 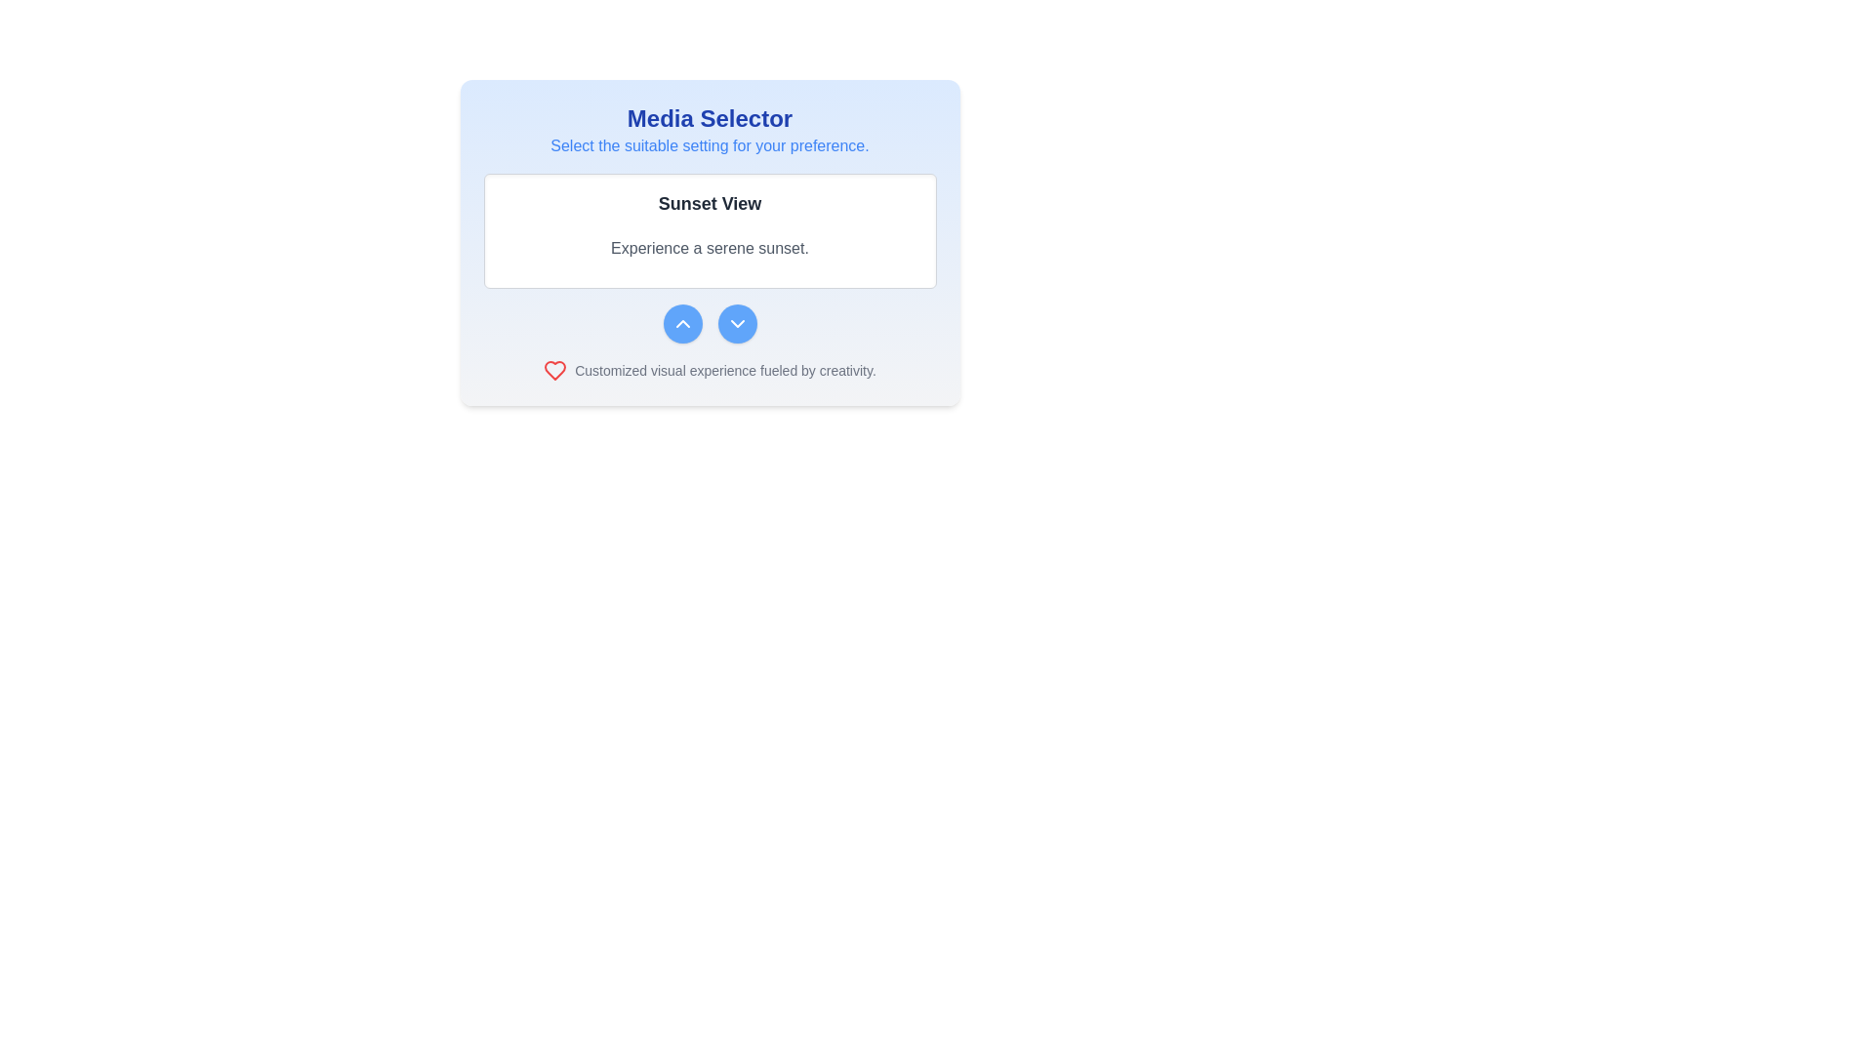 I want to click on the decorative icon that indicates favorites or preferences, located to the left of the text 'Customized visual experience fueled by creativity.', so click(x=554, y=371).